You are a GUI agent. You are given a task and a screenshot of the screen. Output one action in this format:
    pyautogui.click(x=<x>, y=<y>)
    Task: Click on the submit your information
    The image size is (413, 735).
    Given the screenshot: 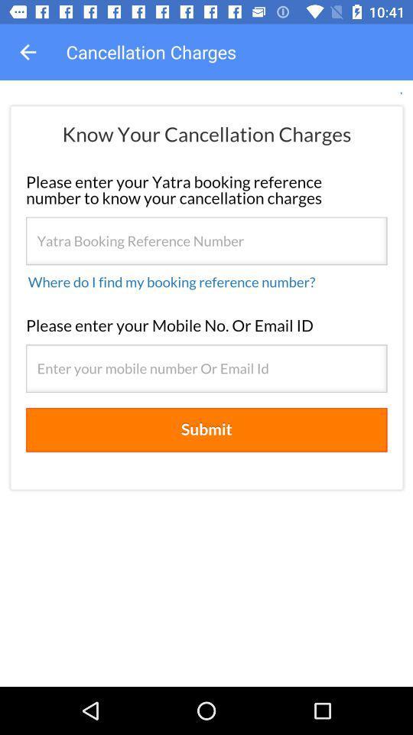 What is the action you would take?
    pyautogui.click(x=206, y=383)
    